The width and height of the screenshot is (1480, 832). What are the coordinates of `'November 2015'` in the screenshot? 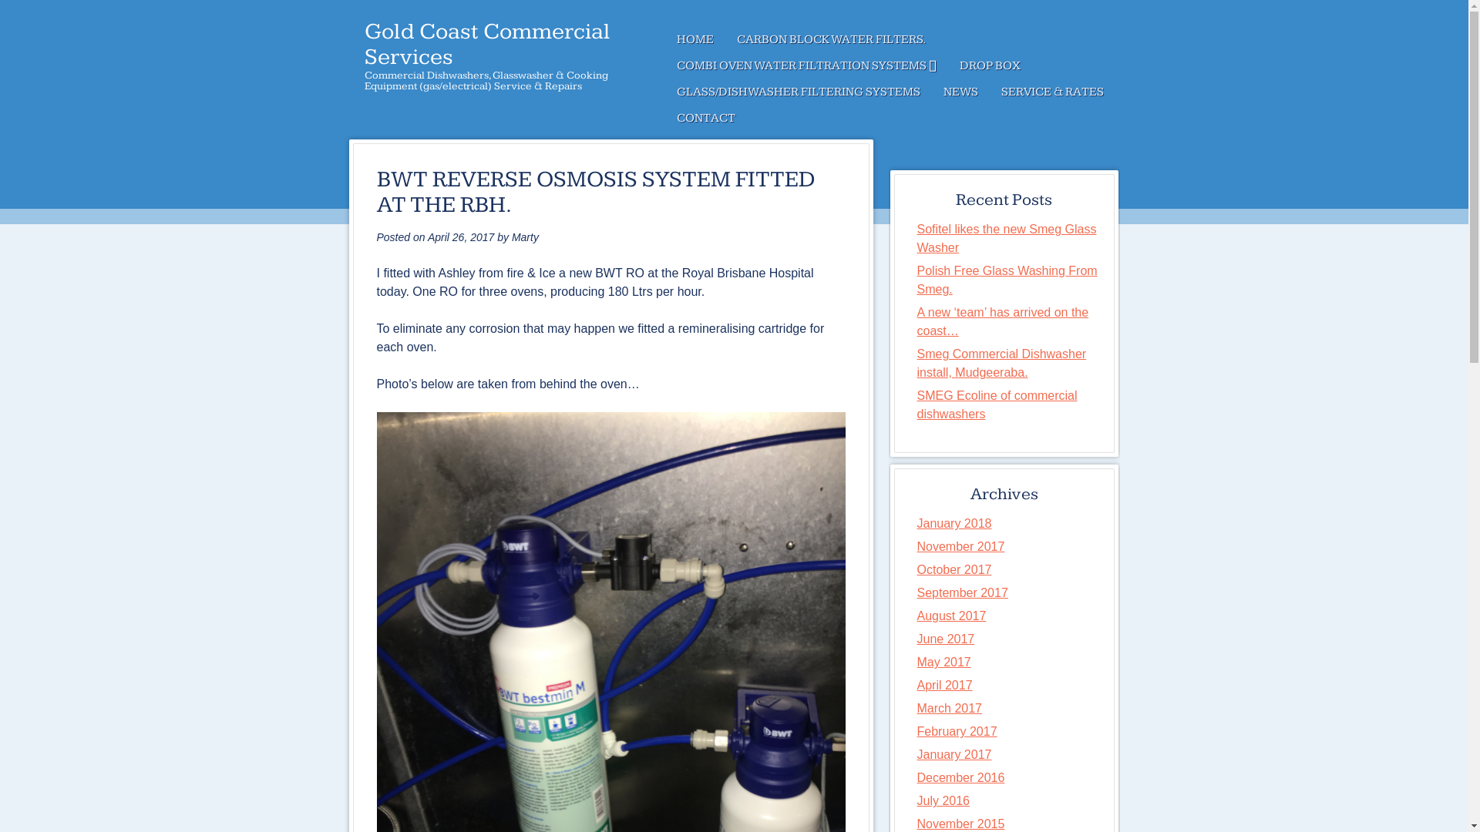 It's located at (960, 823).